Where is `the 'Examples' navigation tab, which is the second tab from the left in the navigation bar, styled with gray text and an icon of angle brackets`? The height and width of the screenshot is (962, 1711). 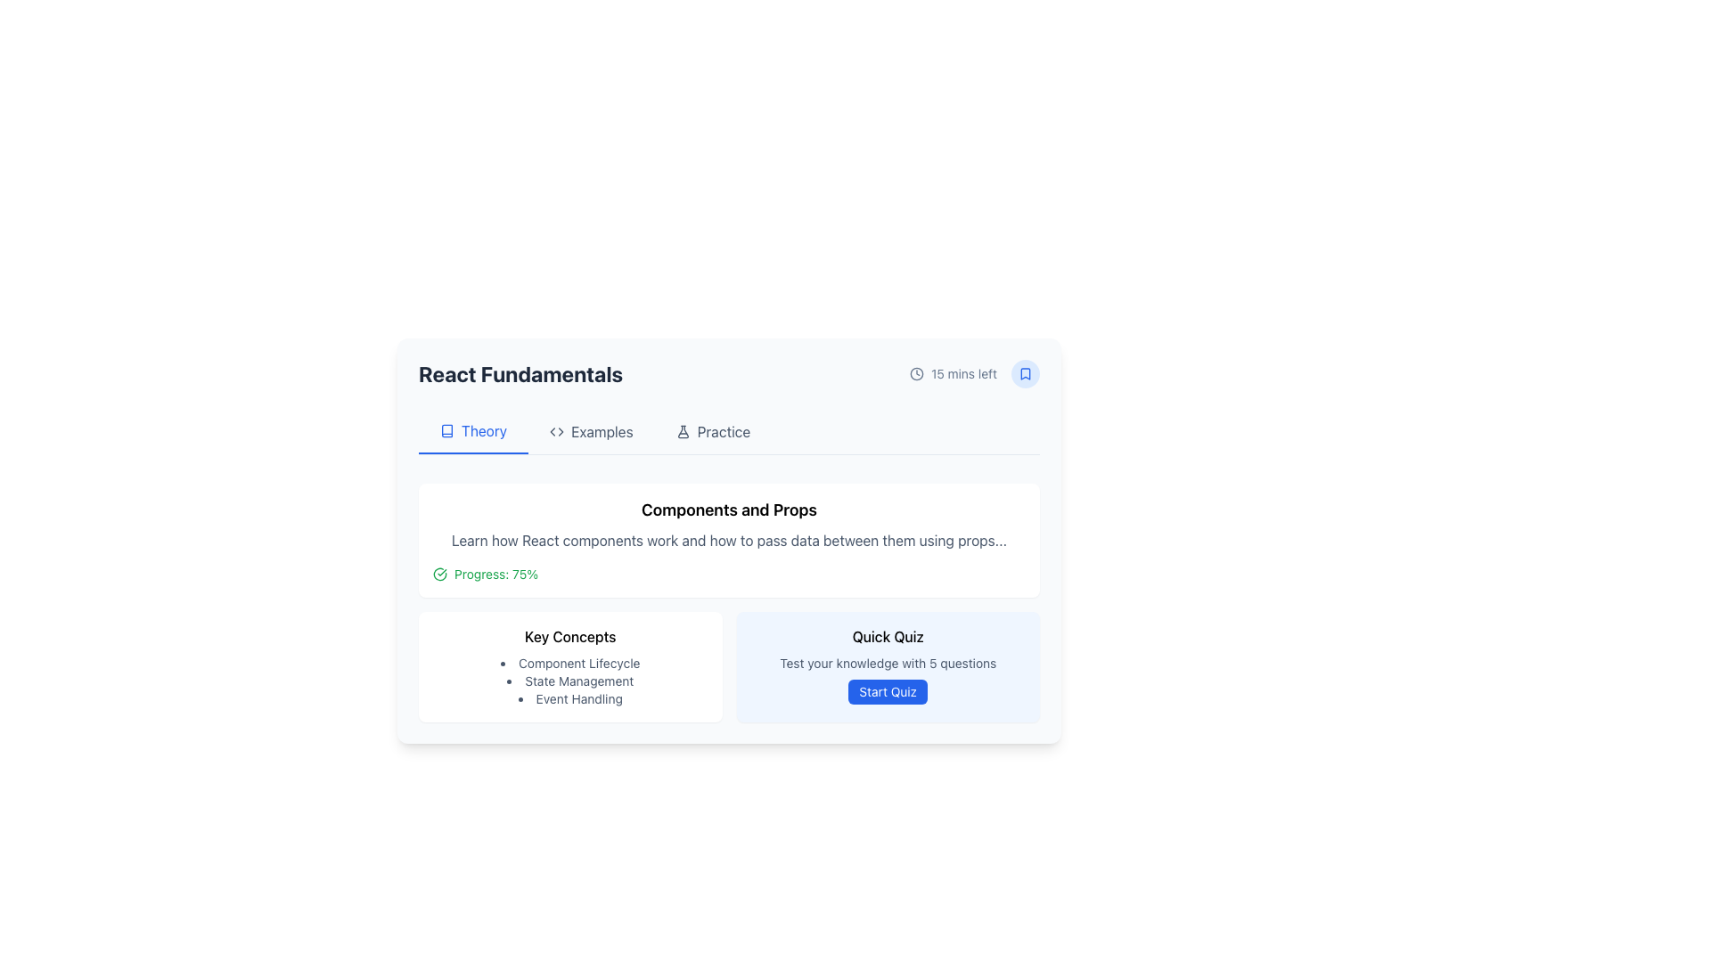 the 'Examples' navigation tab, which is the second tab from the left in the navigation bar, styled with gray text and an icon of angle brackets is located at coordinates (591, 432).